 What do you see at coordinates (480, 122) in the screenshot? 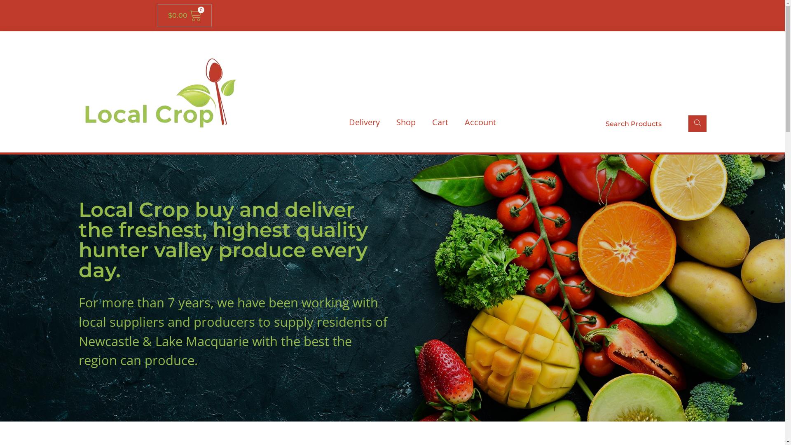
I see `'Account'` at bounding box center [480, 122].